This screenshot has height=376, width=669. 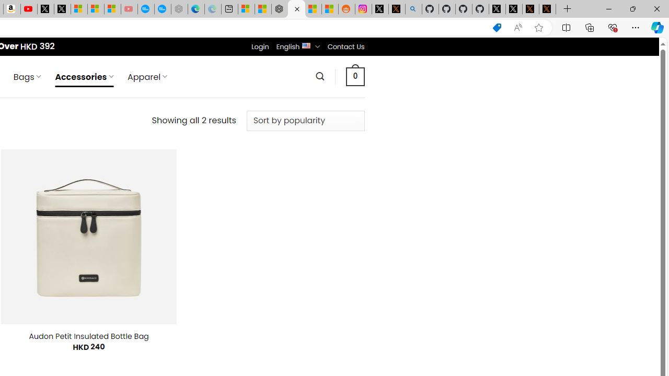 What do you see at coordinates (547, 9) in the screenshot?
I see `'X Privacy Policy'` at bounding box center [547, 9].